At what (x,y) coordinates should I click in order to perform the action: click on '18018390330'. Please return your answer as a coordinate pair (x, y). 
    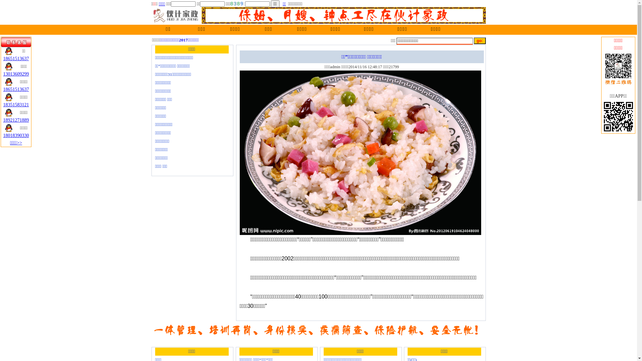
    Looking at the image, I should click on (16, 135).